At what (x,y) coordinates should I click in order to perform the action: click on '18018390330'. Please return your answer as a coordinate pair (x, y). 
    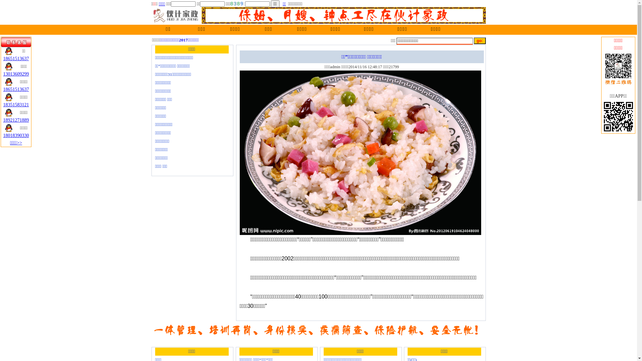
    Looking at the image, I should click on (16, 135).